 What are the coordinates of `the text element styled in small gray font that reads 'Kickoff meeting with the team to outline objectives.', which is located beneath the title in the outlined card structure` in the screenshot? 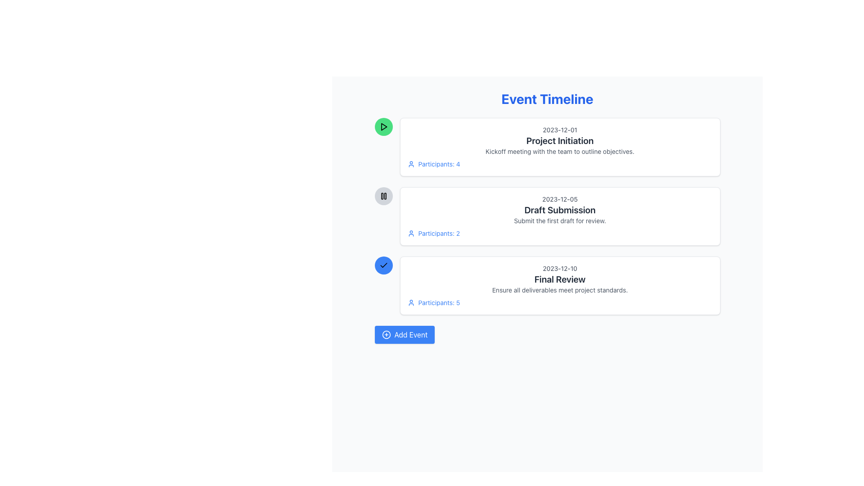 It's located at (559, 151).